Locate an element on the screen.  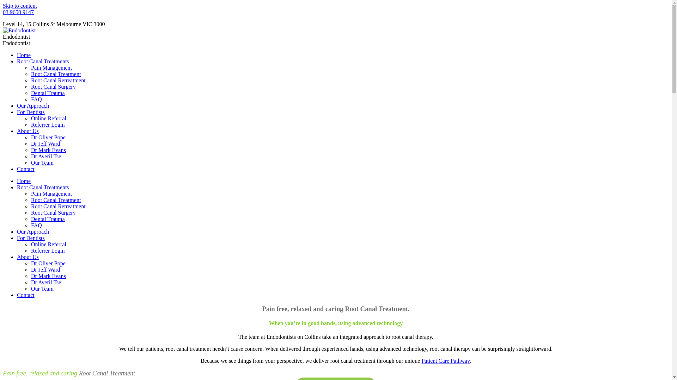
'Dr Jeff Ward' is located at coordinates (30, 269).